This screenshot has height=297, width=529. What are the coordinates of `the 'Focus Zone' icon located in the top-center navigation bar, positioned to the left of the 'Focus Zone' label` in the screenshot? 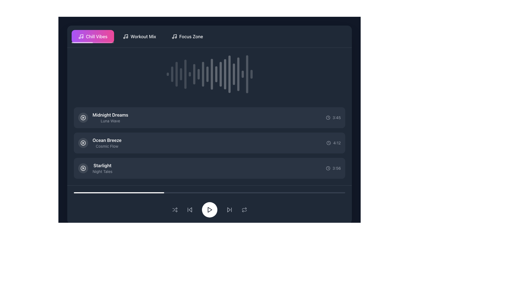 It's located at (174, 36).